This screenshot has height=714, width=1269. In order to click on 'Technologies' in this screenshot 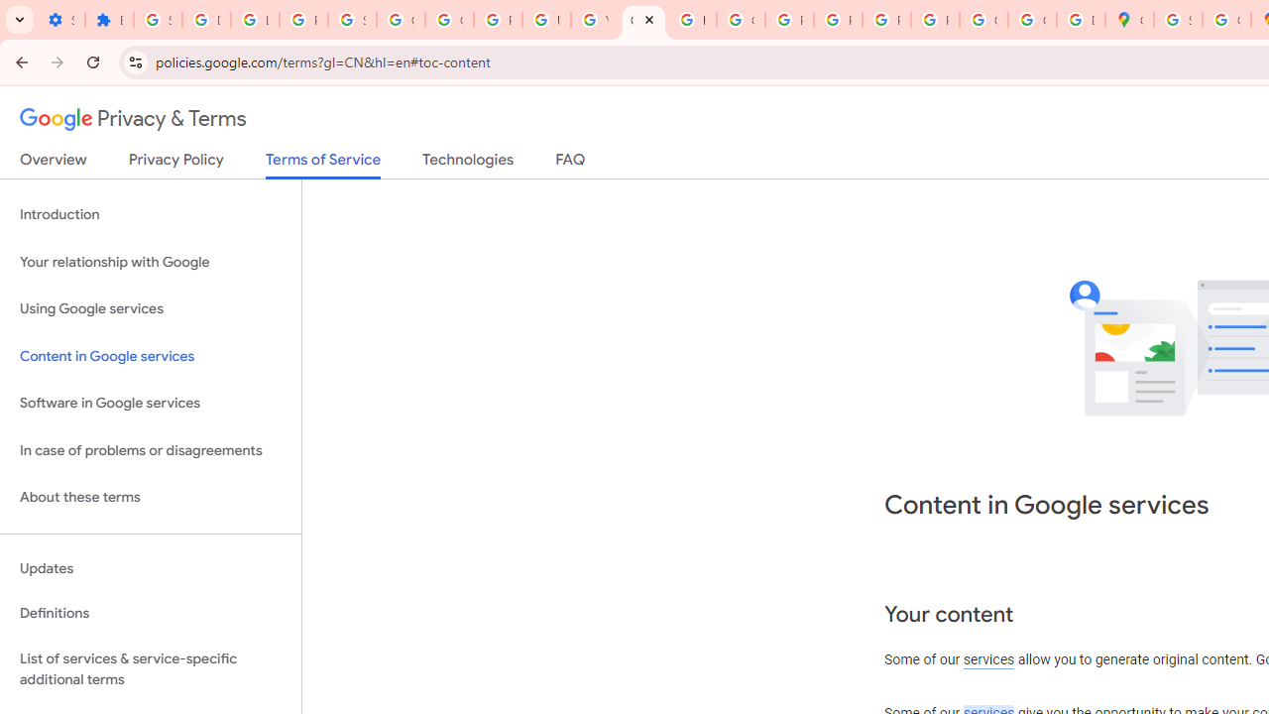, I will do `click(467, 163)`.